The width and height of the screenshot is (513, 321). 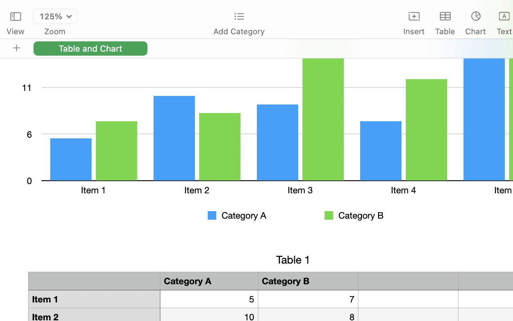 What do you see at coordinates (414, 31) in the screenshot?
I see `'Insert'` at bounding box center [414, 31].